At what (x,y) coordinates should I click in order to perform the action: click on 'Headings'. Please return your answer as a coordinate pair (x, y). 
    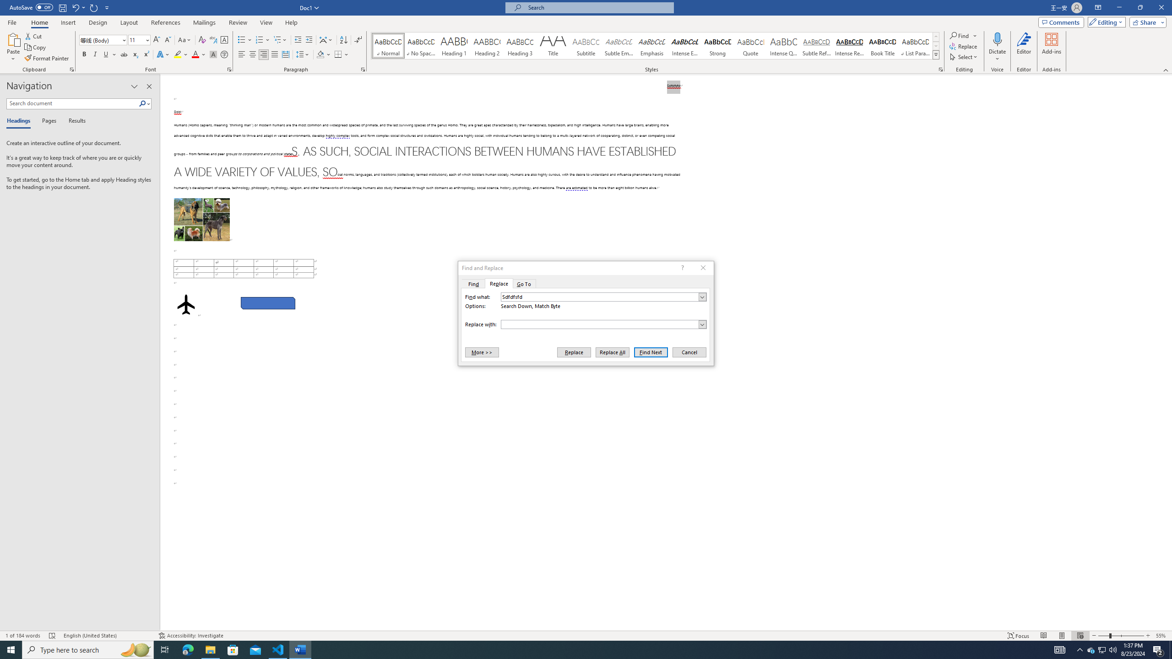
    Looking at the image, I should click on (20, 121).